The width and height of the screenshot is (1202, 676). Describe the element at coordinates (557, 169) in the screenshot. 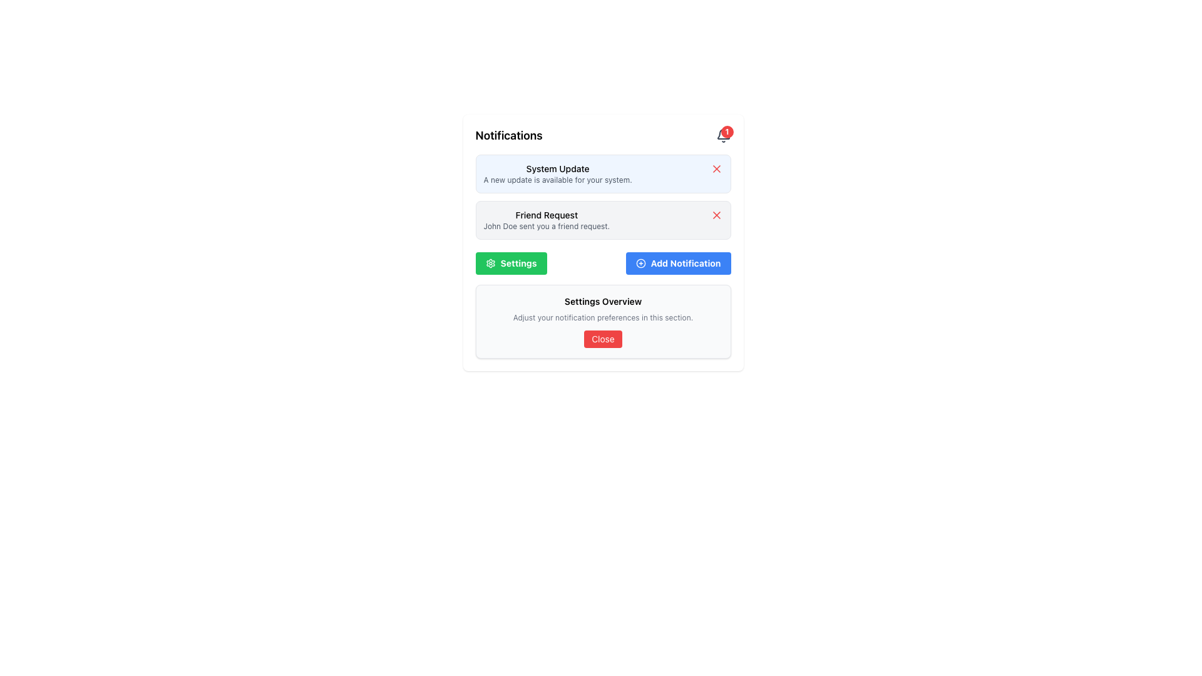

I see `the static text element that serves as the title for the notification labeled 'System Update'` at that location.